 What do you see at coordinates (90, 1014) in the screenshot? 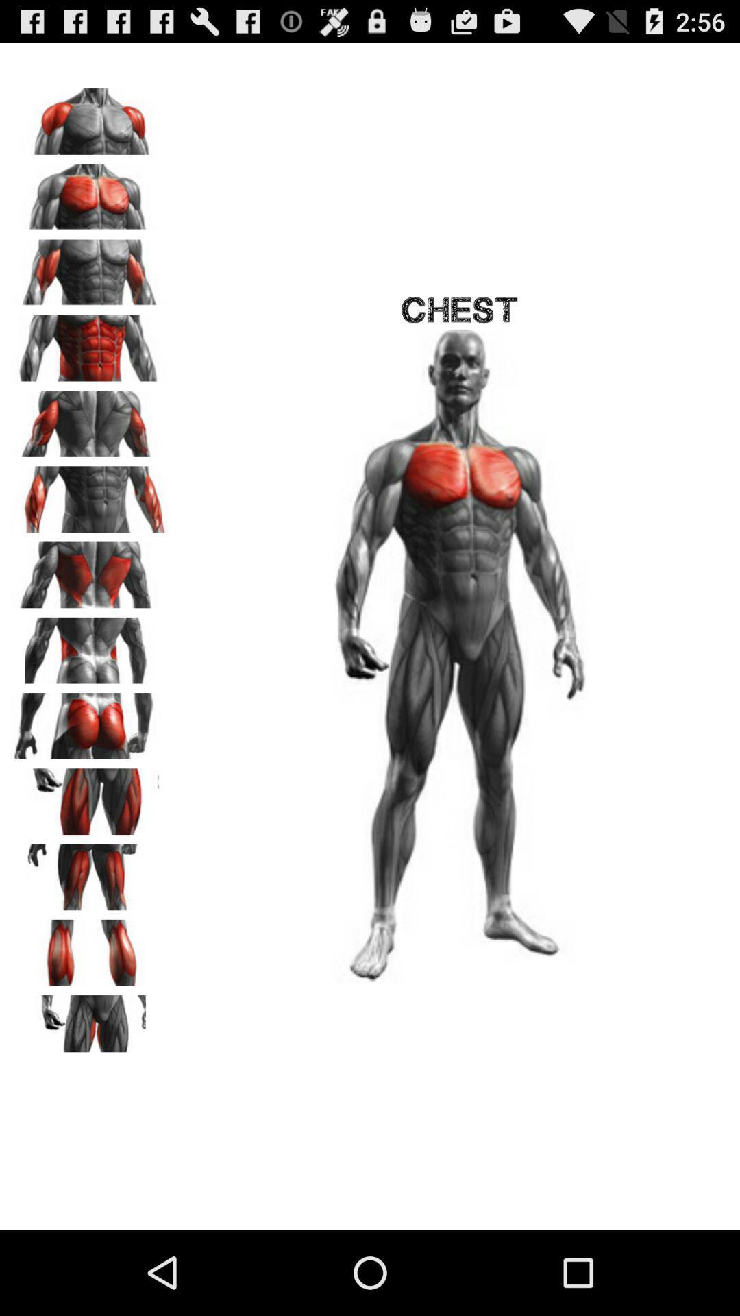
I see `the pause icon` at bounding box center [90, 1014].